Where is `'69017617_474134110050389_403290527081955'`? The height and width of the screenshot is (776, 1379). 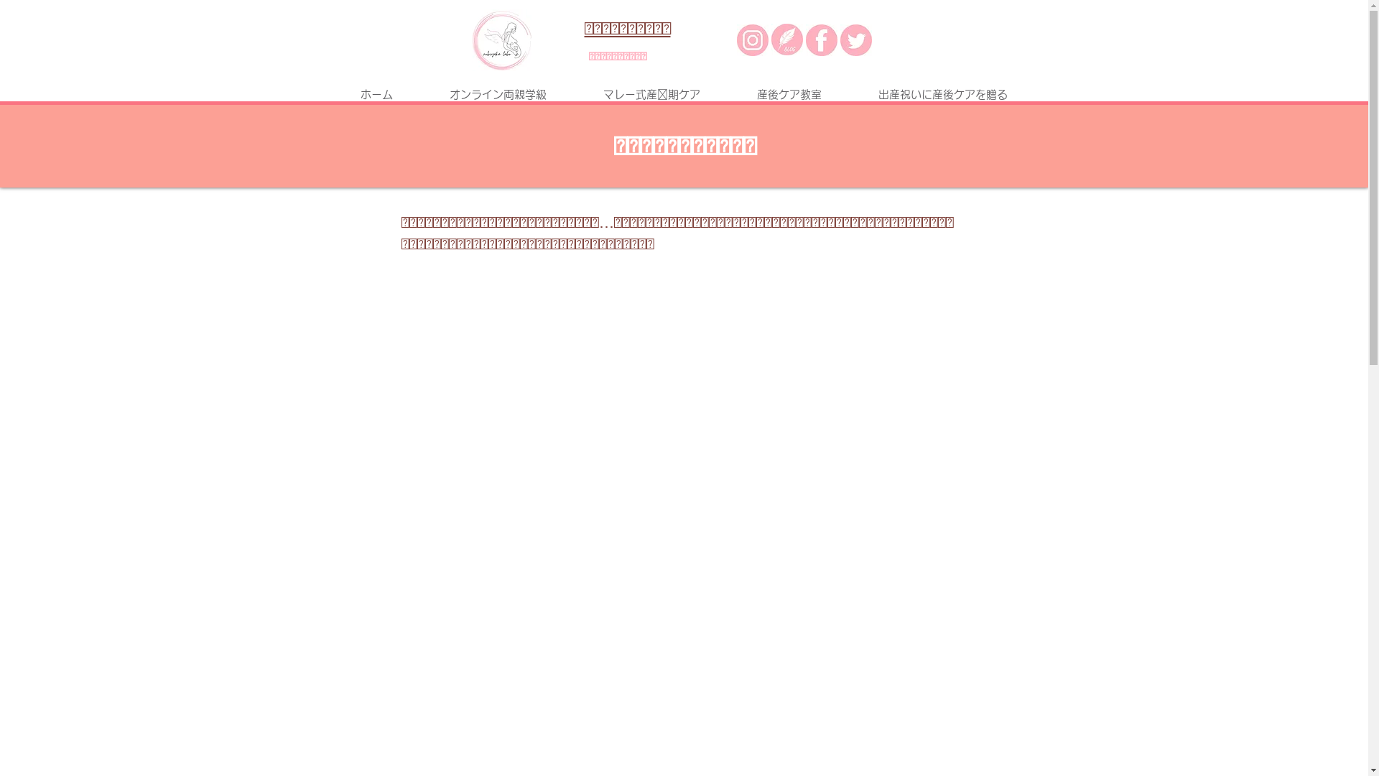
'69017617_474134110050389_403290527081955' is located at coordinates (472, 40).